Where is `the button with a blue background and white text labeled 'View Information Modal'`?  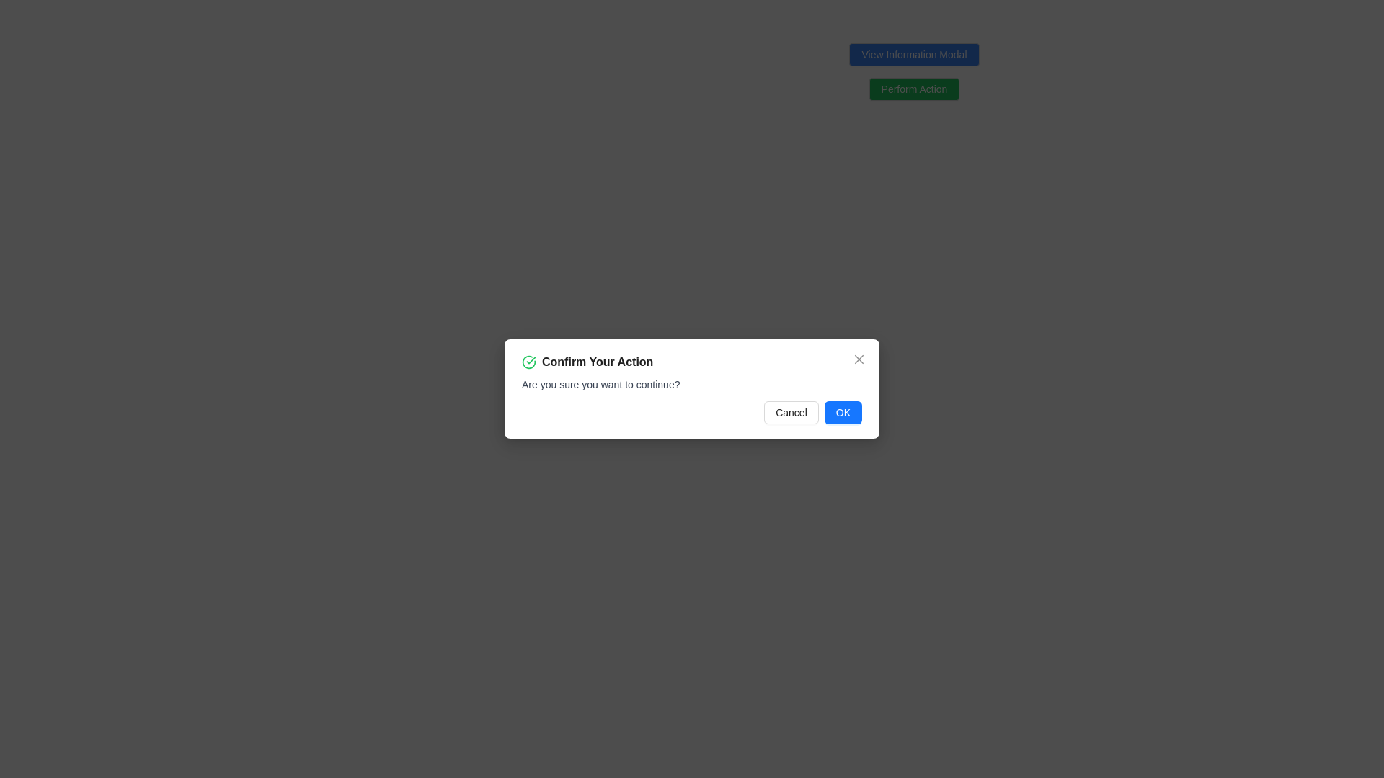
the button with a blue background and white text labeled 'View Information Modal' is located at coordinates (913, 54).